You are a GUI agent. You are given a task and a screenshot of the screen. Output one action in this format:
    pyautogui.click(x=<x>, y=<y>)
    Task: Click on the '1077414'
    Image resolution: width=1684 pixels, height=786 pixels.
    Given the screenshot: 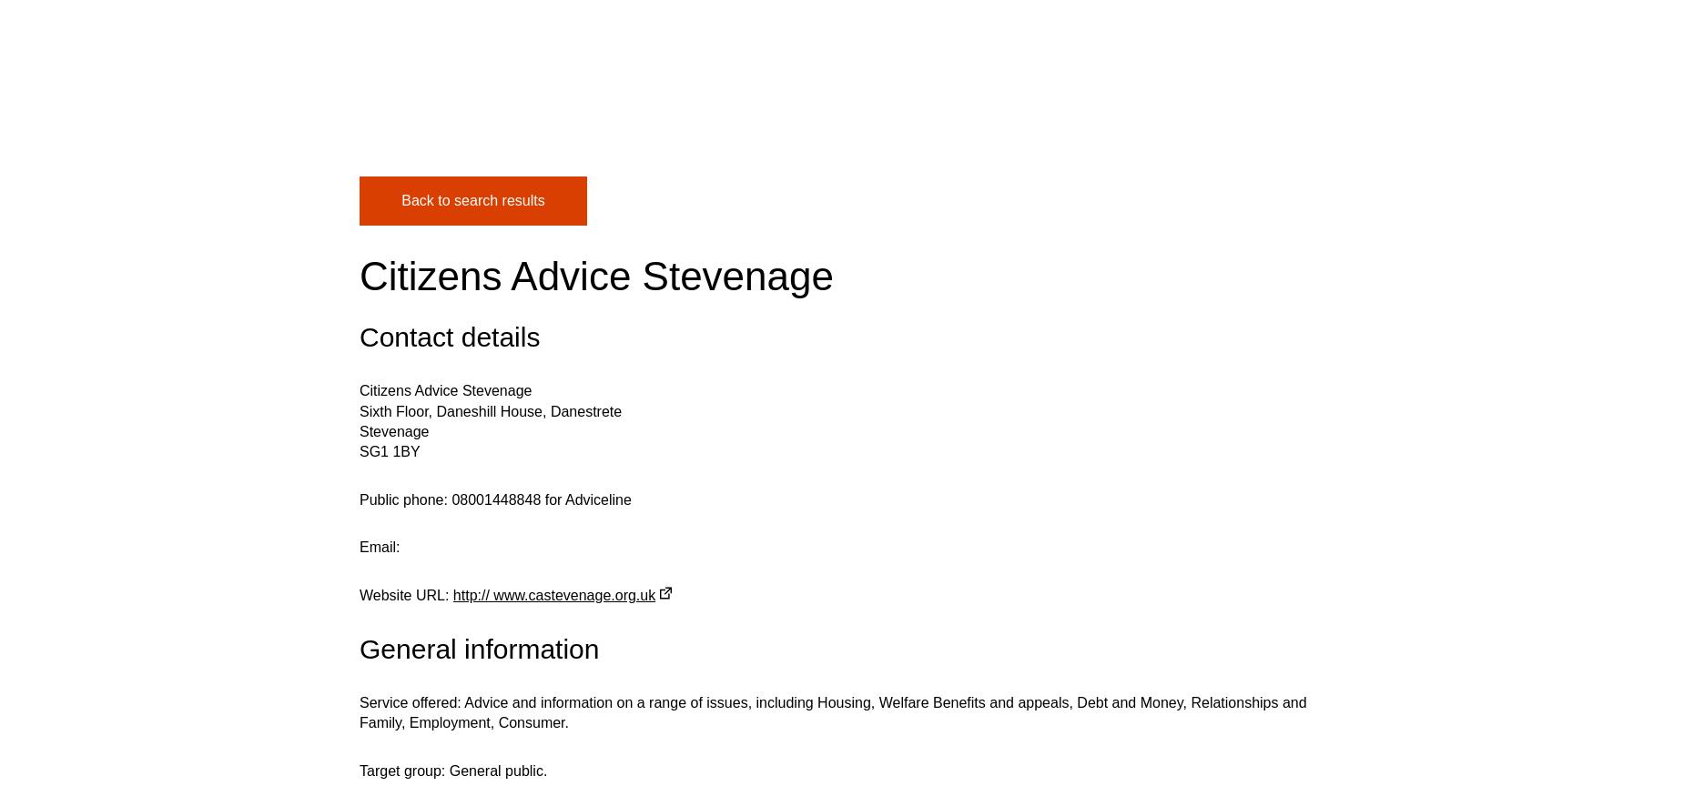 What is the action you would take?
    pyautogui.click(x=492, y=341)
    